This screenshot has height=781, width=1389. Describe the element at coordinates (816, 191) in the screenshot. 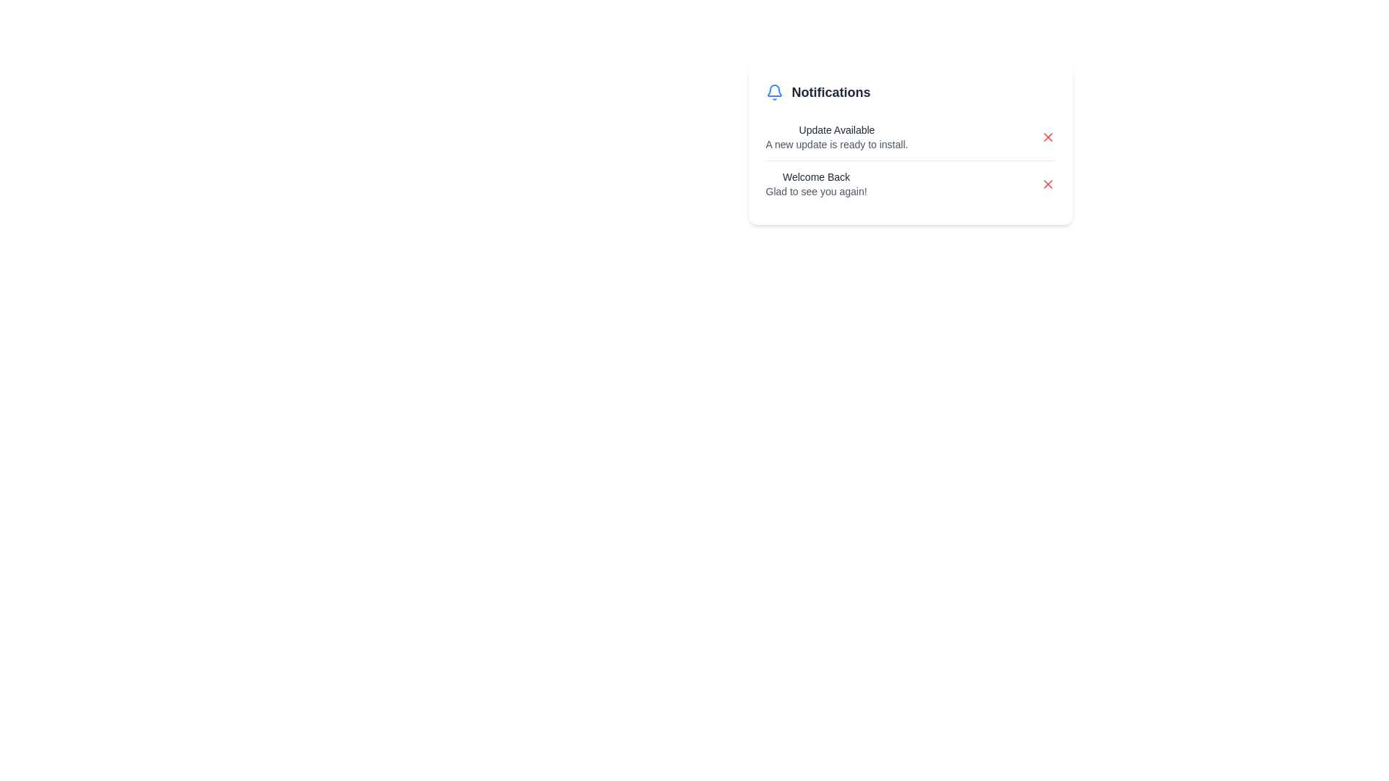

I see `the text label that reads 'Glad` at that location.